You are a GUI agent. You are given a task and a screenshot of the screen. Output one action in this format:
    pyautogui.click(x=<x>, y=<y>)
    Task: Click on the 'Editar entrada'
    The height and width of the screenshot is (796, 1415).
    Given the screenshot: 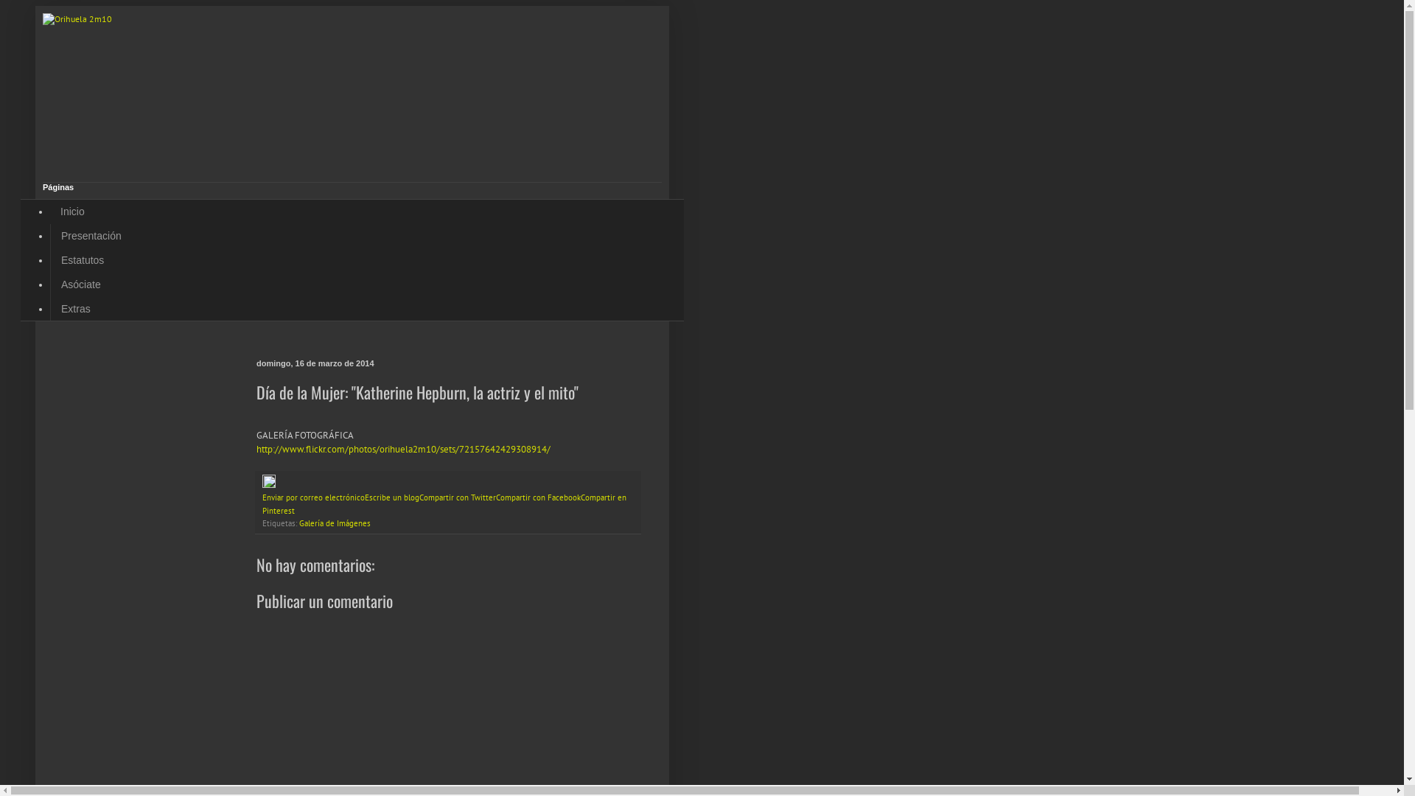 What is the action you would take?
    pyautogui.click(x=268, y=485)
    